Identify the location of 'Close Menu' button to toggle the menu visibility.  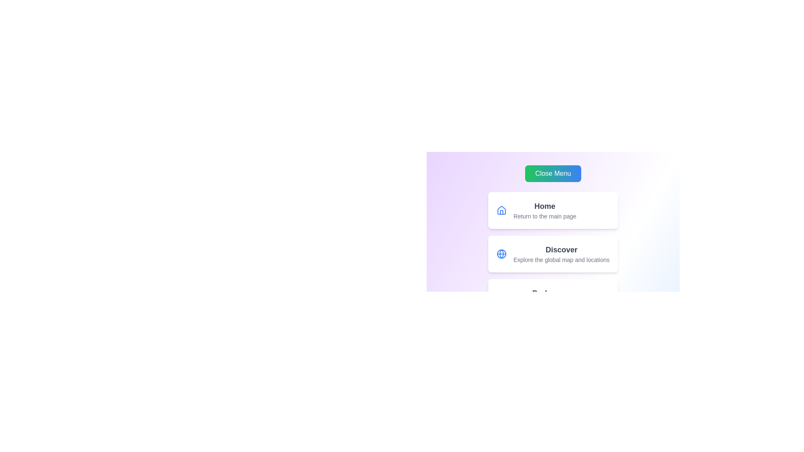
(553, 173).